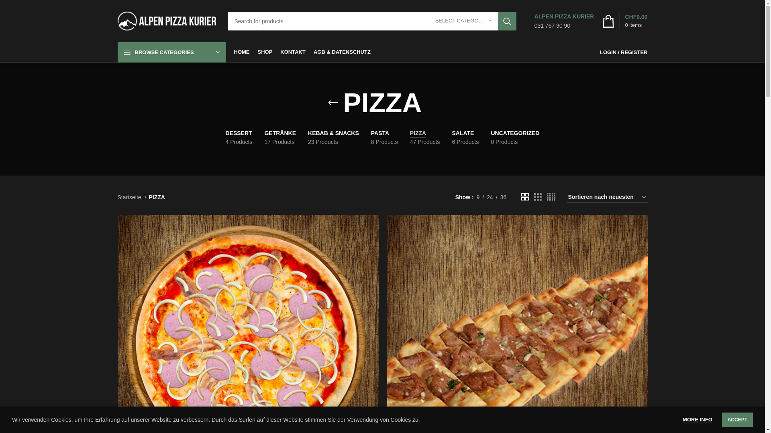 This screenshot has height=433, width=771. Describe the element at coordinates (624, 20) in the screenshot. I see `'0 items` at that location.